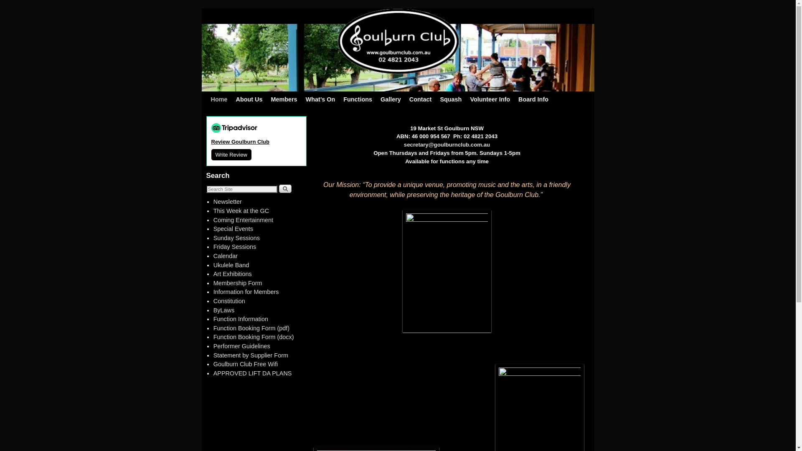 This screenshot has width=802, height=451. What do you see at coordinates (490, 99) in the screenshot?
I see `'Volunteer Info'` at bounding box center [490, 99].